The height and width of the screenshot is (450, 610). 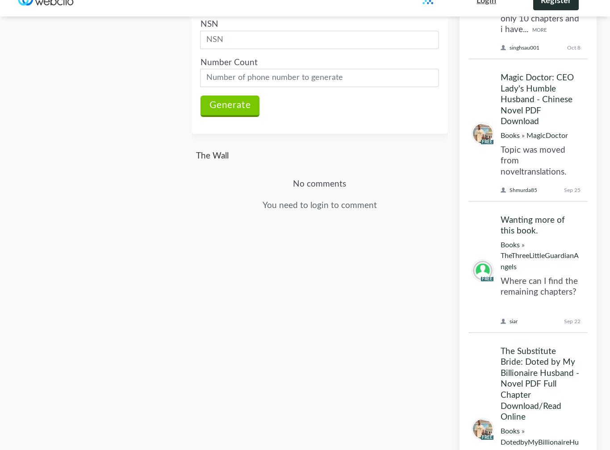 What do you see at coordinates (539, 12) in the screenshot?
I see `'DotedbyMyBillionaireHusband'` at bounding box center [539, 12].